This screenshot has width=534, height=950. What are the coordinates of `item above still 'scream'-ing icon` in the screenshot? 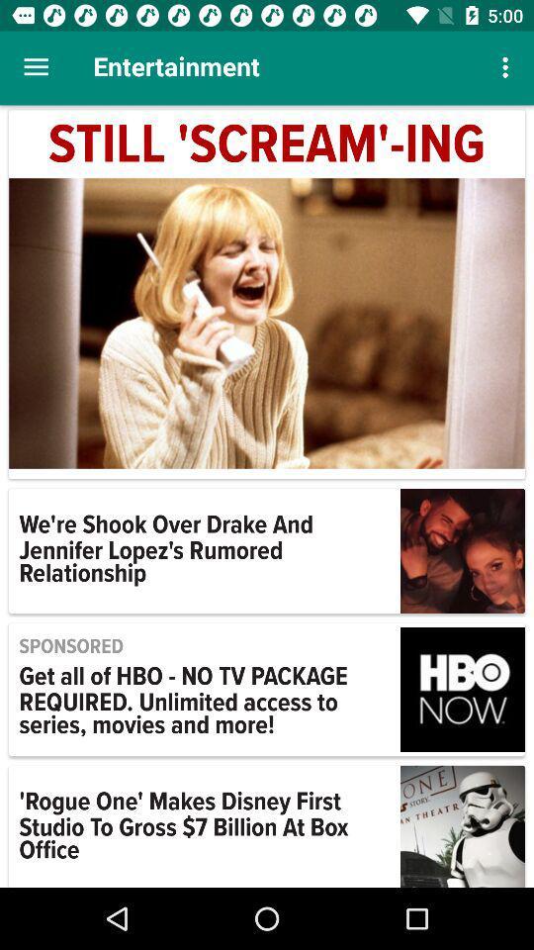 It's located at (36, 67).